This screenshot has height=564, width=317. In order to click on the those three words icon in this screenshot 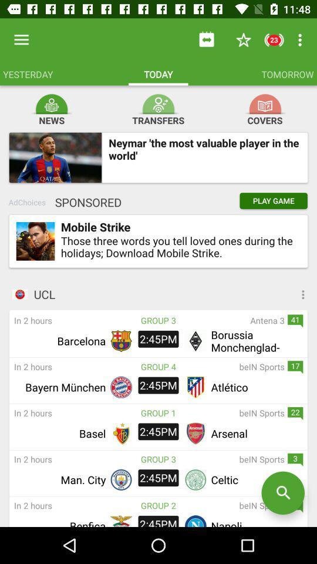, I will do `click(177, 246)`.